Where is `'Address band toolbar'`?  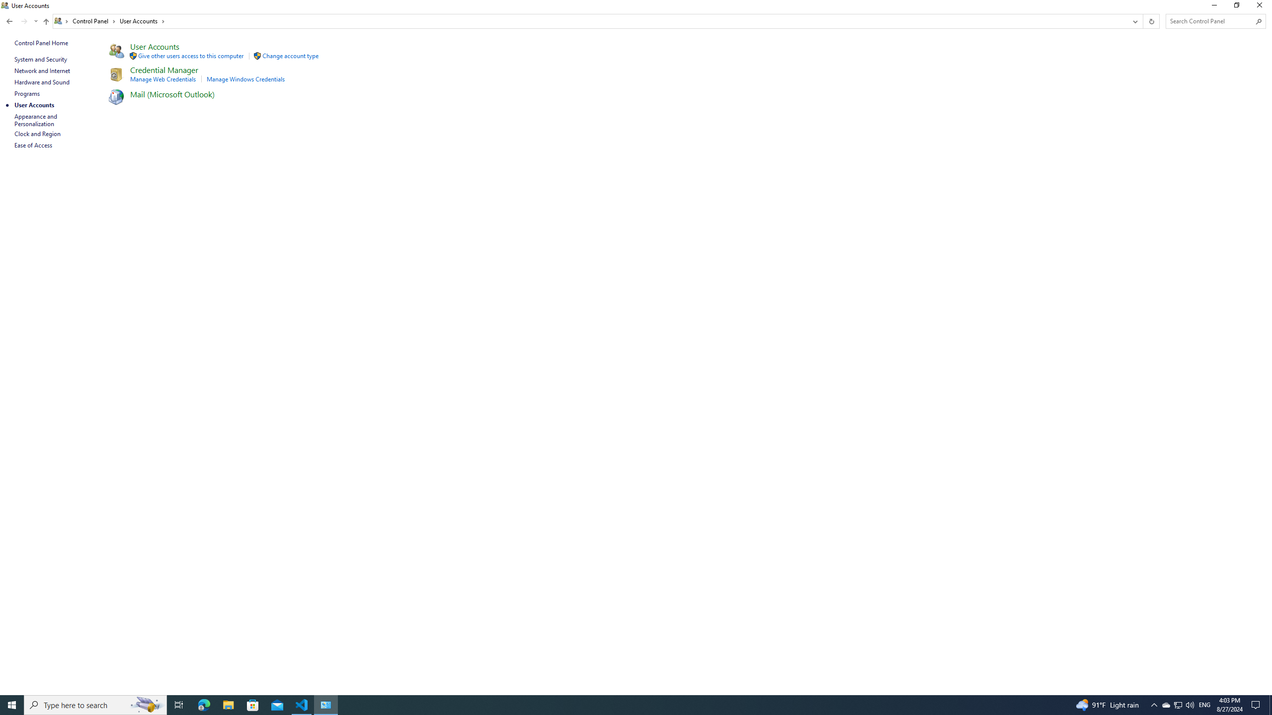 'Address band toolbar' is located at coordinates (1142, 21).